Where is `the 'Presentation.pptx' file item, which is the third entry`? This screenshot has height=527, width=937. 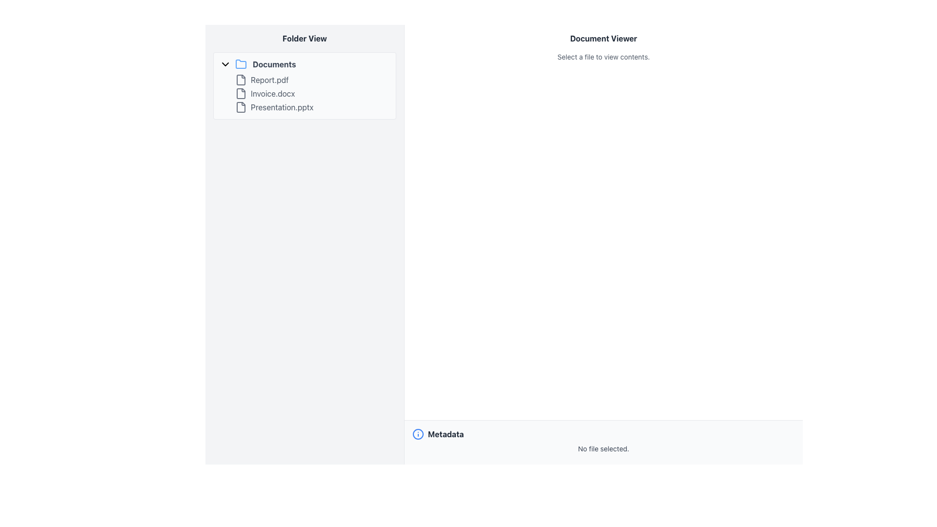 the 'Presentation.pptx' file item, which is the third entry is located at coordinates (312, 107).